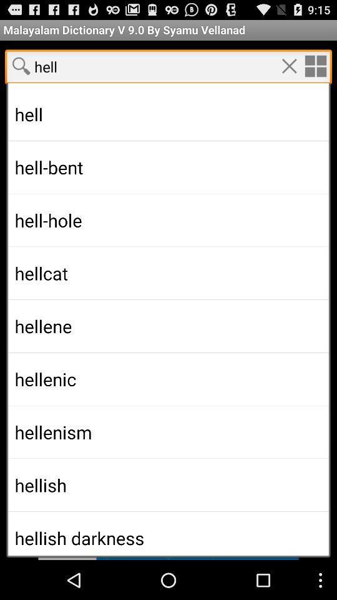 The width and height of the screenshot is (337, 600). Describe the element at coordinates (289, 66) in the screenshot. I see `clear all typing` at that location.